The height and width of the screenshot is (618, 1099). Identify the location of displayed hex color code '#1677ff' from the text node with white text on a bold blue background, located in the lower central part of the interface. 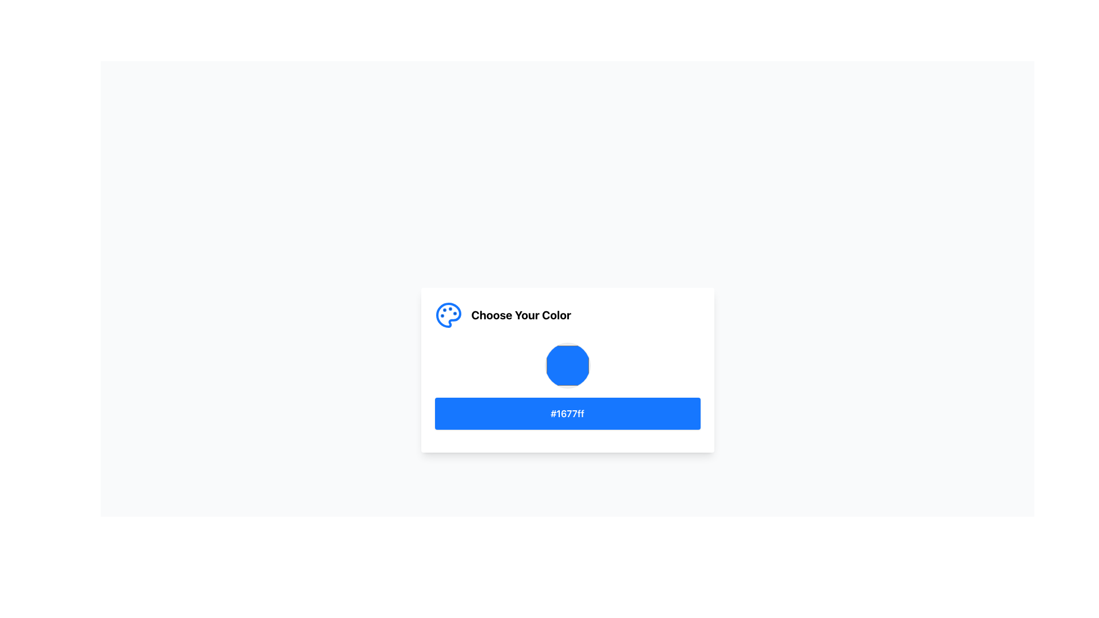
(567, 413).